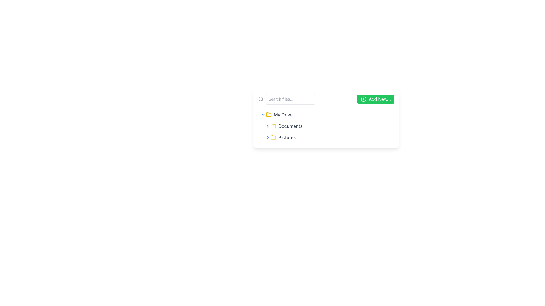 The image size is (545, 306). I want to click on the icon that toggles the 'My Drive' section in the file navigation menu, located to the left of the 'My Drive' text and adjacent to the yellow folder icon, so click(263, 115).